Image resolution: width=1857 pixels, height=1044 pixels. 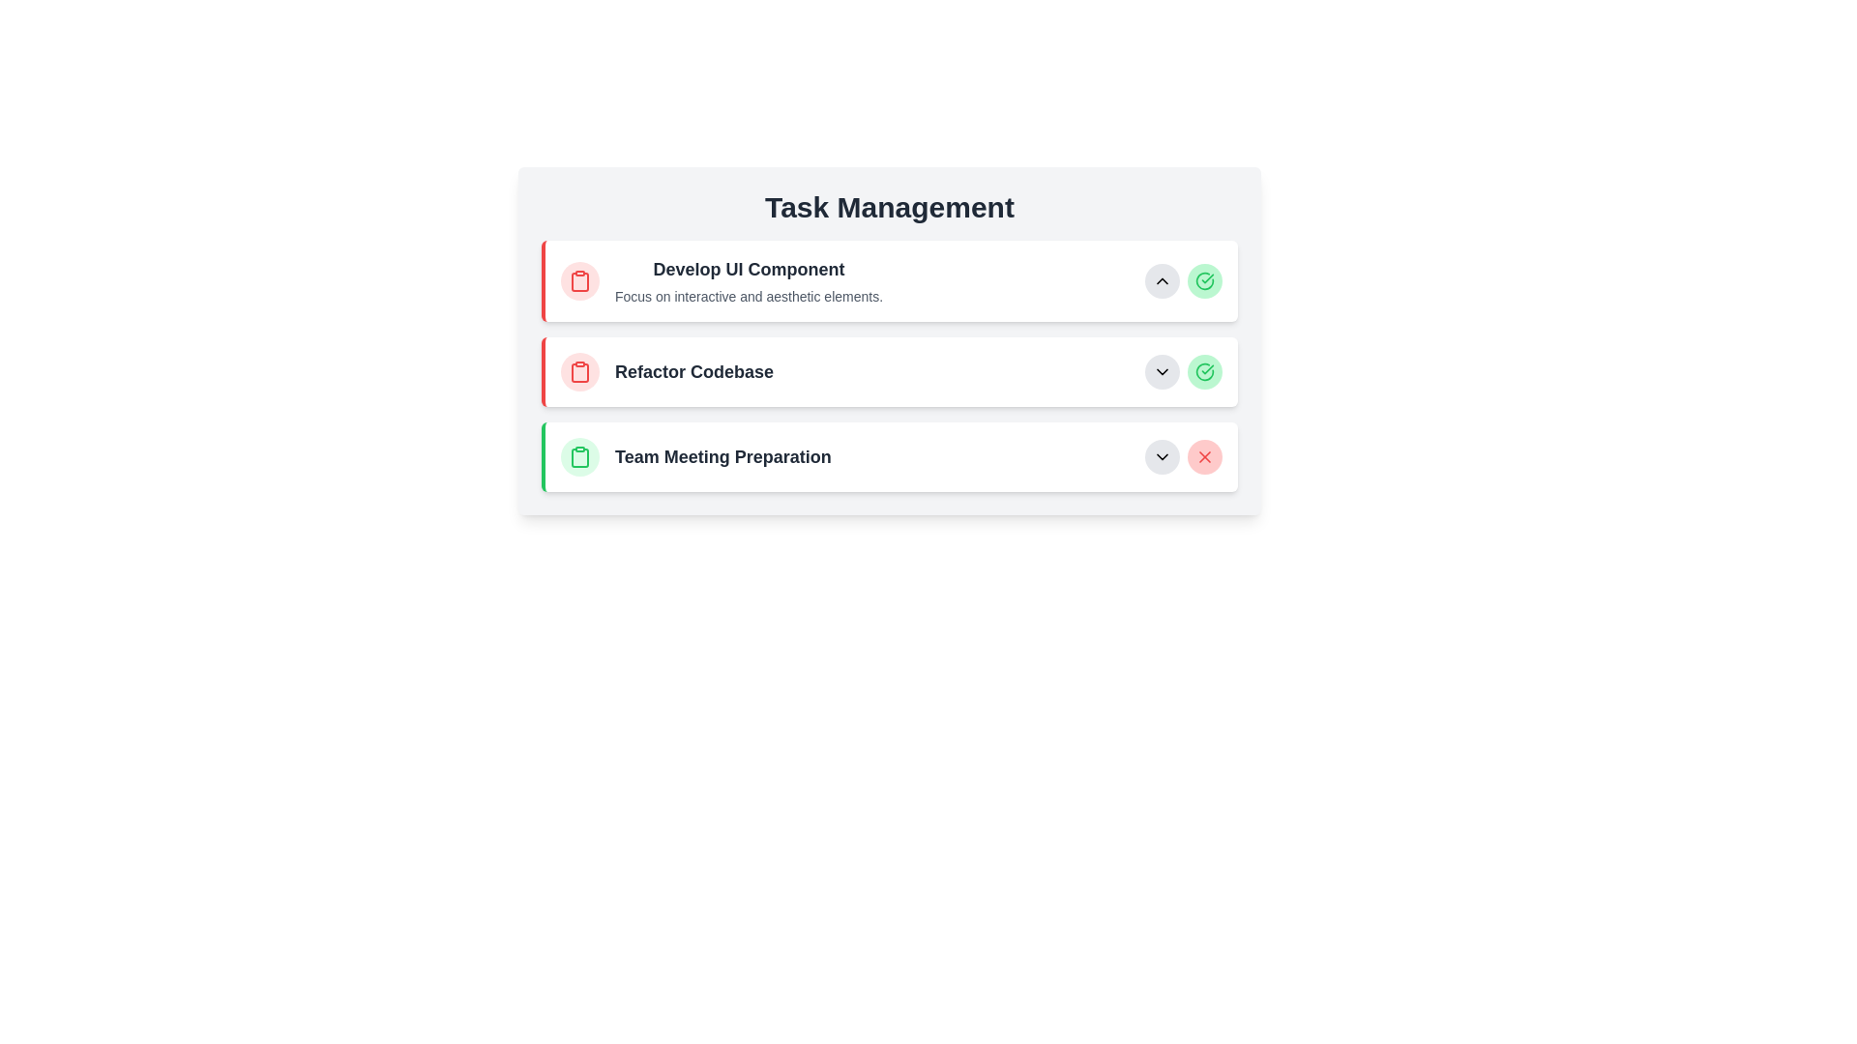 I want to click on the circular green button with a checkmark inside, located to the right of the text 'Develop UI Component', to mark the task as complete, so click(x=1204, y=280).